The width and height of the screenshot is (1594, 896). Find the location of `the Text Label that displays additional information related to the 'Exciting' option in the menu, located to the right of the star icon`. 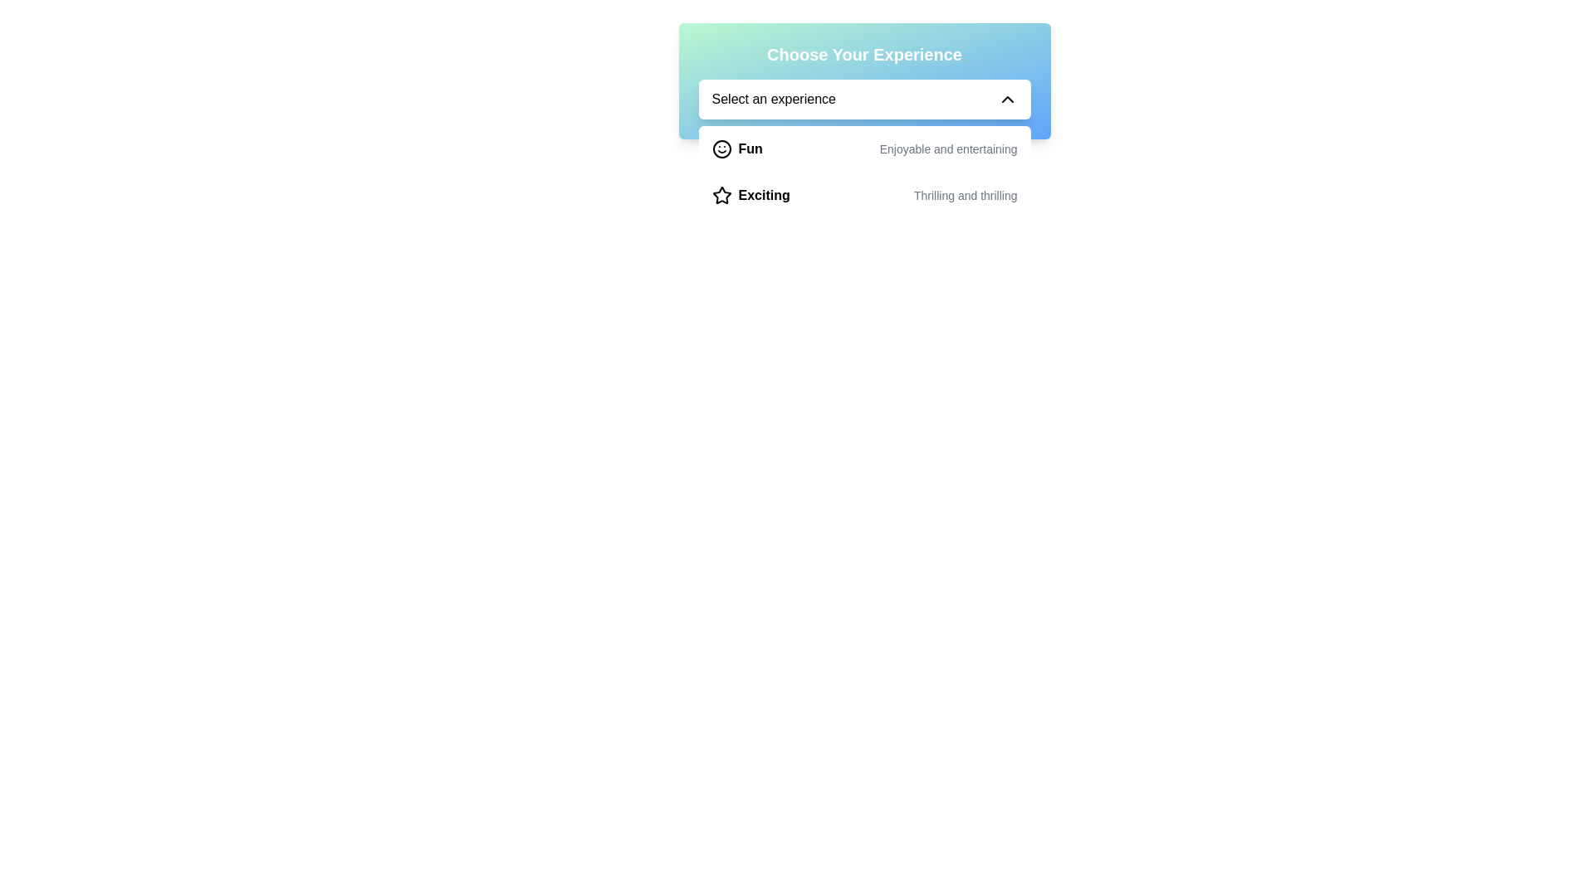

the Text Label that displays additional information related to the 'Exciting' option in the menu, located to the right of the star icon is located at coordinates (966, 194).